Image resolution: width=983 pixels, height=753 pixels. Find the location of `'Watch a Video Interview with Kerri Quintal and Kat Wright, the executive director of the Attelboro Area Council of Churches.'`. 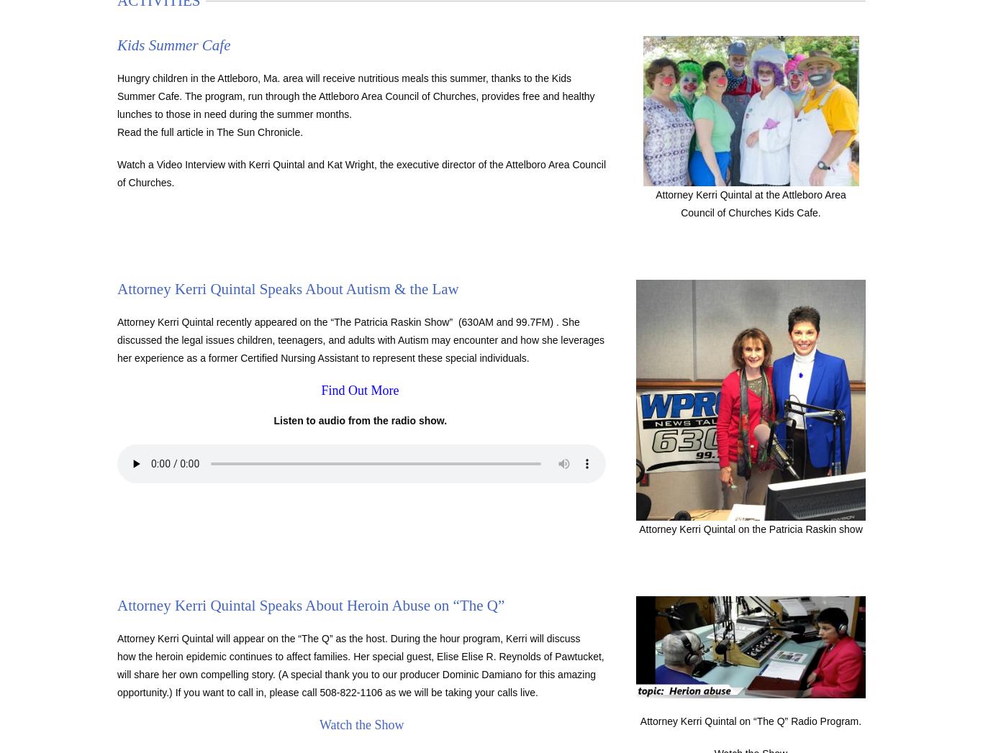

'Watch a Video Interview with Kerri Quintal and Kat Wright, the executive director of the Attelboro Area Council of Churches.' is located at coordinates (116, 173).